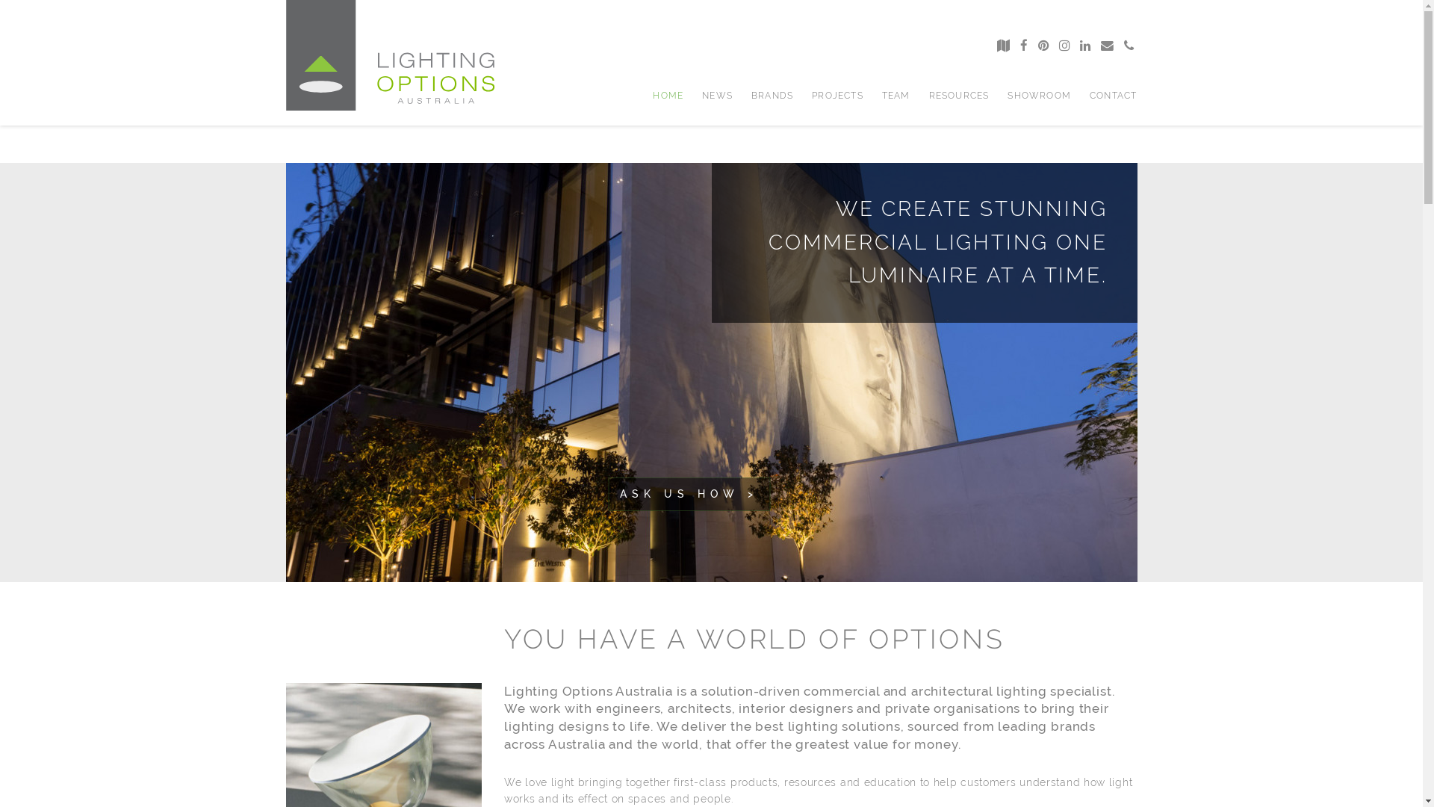 The width and height of the screenshot is (1434, 807). What do you see at coordinates (390, 54) in the screenshot?
I see `'Click here to return home.'` at bounding box center [390, 54].